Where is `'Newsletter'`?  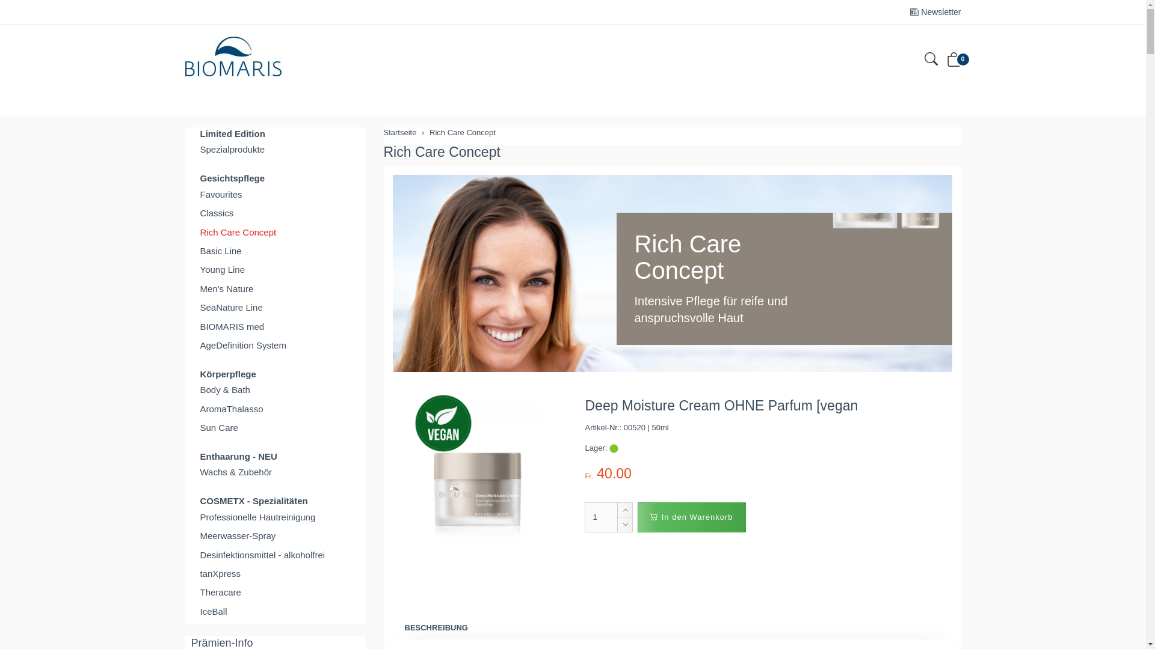
'Newsletter' is located at coordinates (935, 11).